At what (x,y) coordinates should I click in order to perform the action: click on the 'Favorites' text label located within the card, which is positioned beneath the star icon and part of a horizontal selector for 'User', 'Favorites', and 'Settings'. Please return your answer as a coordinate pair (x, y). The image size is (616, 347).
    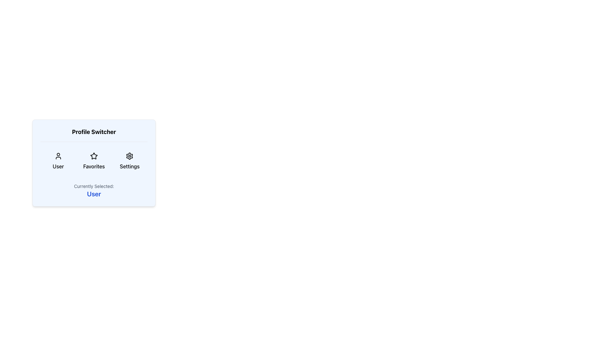
    Looking at the image, I should click on (93, 166).